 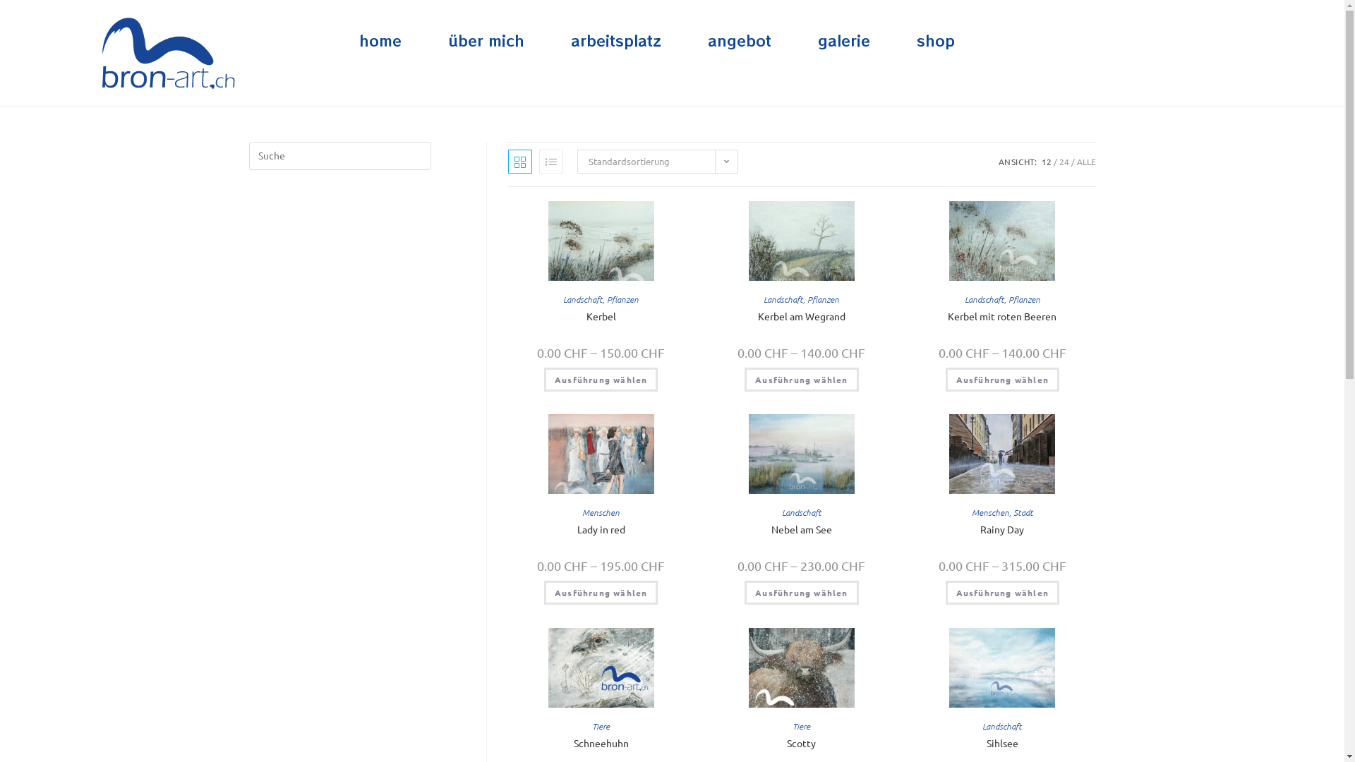 What do you see at coordinates (601, 315) in the screenshot?
I see `'Kerbel'` at bounding box center [601, 315].